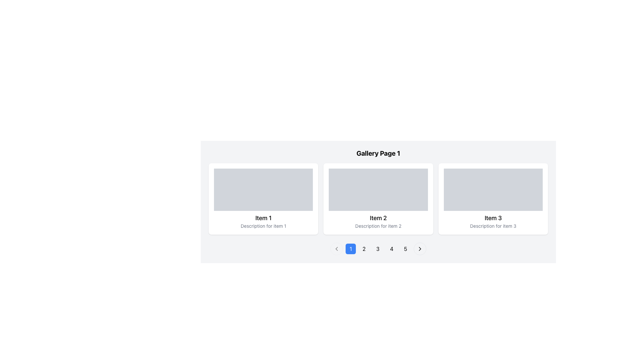 The width and height of the screenshot is (635, 357). Describe the element at coordinates (363, 249) in the screenshot. I see `the pagination button displaying the number '2'` at that location.